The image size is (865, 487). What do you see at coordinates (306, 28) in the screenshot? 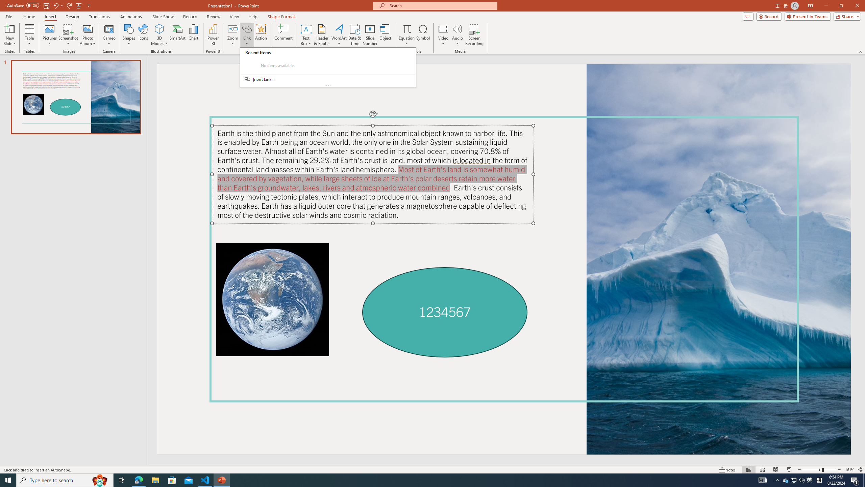
I see `'Draw Horizontal Text Box'` at bounding box center [306, 28].